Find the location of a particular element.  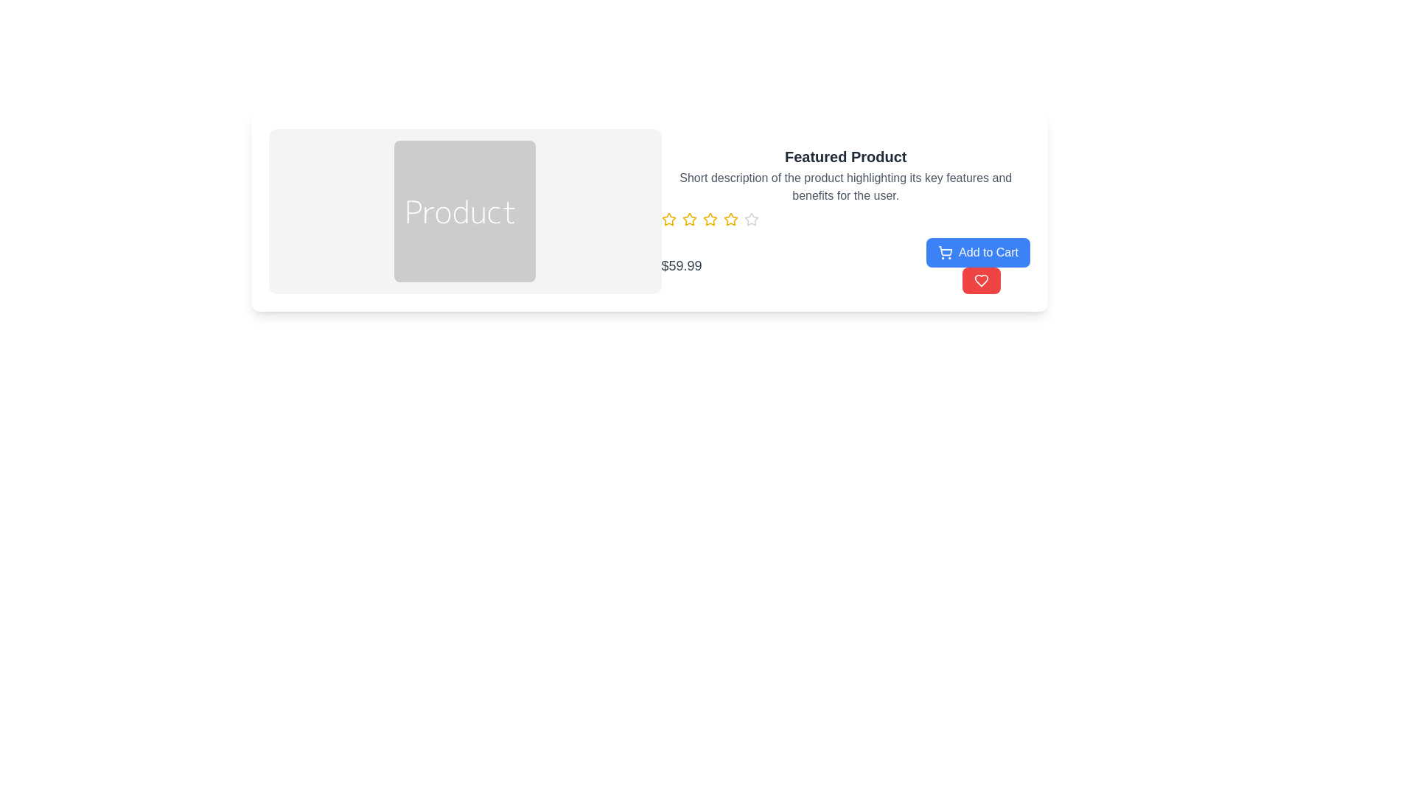

the first star icon in the Star Rating Icon group located below the 'Featured Product' title to allow the user to provide feedback on the product rating is located at coordinates (668, 220).